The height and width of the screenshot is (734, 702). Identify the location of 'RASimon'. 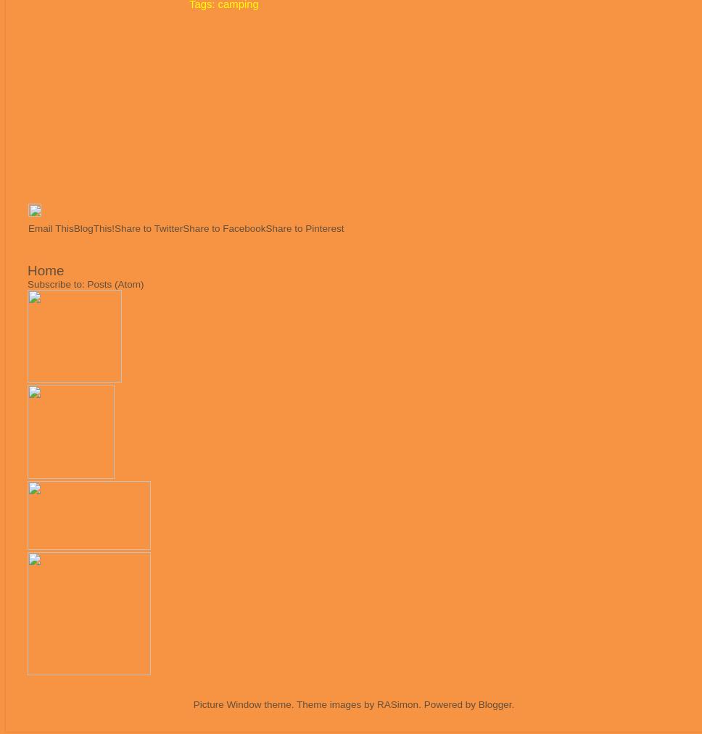
(397, 704).